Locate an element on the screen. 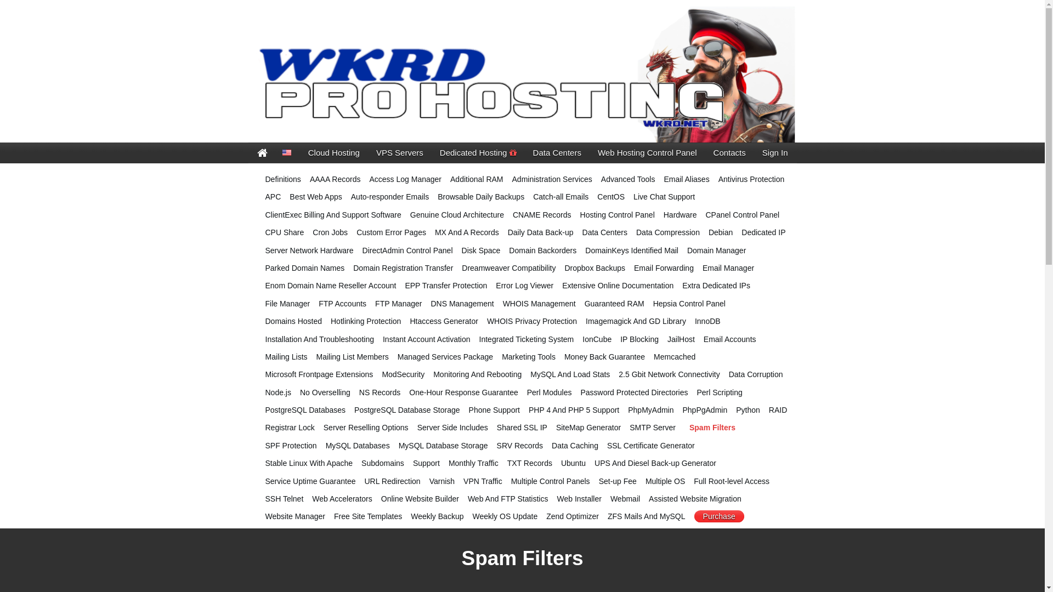 Image resolution: width=1053 pixels, height=592 pixels. 'Subdomains' is located at coordinates (382, 463).